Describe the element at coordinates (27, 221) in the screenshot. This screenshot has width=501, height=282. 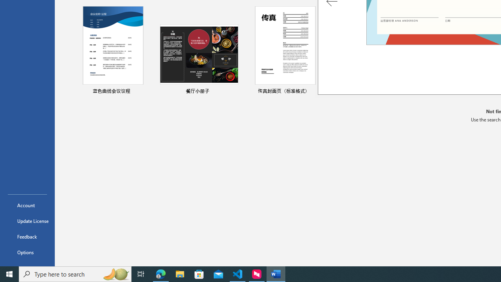
I see `'Update License'` at that location.